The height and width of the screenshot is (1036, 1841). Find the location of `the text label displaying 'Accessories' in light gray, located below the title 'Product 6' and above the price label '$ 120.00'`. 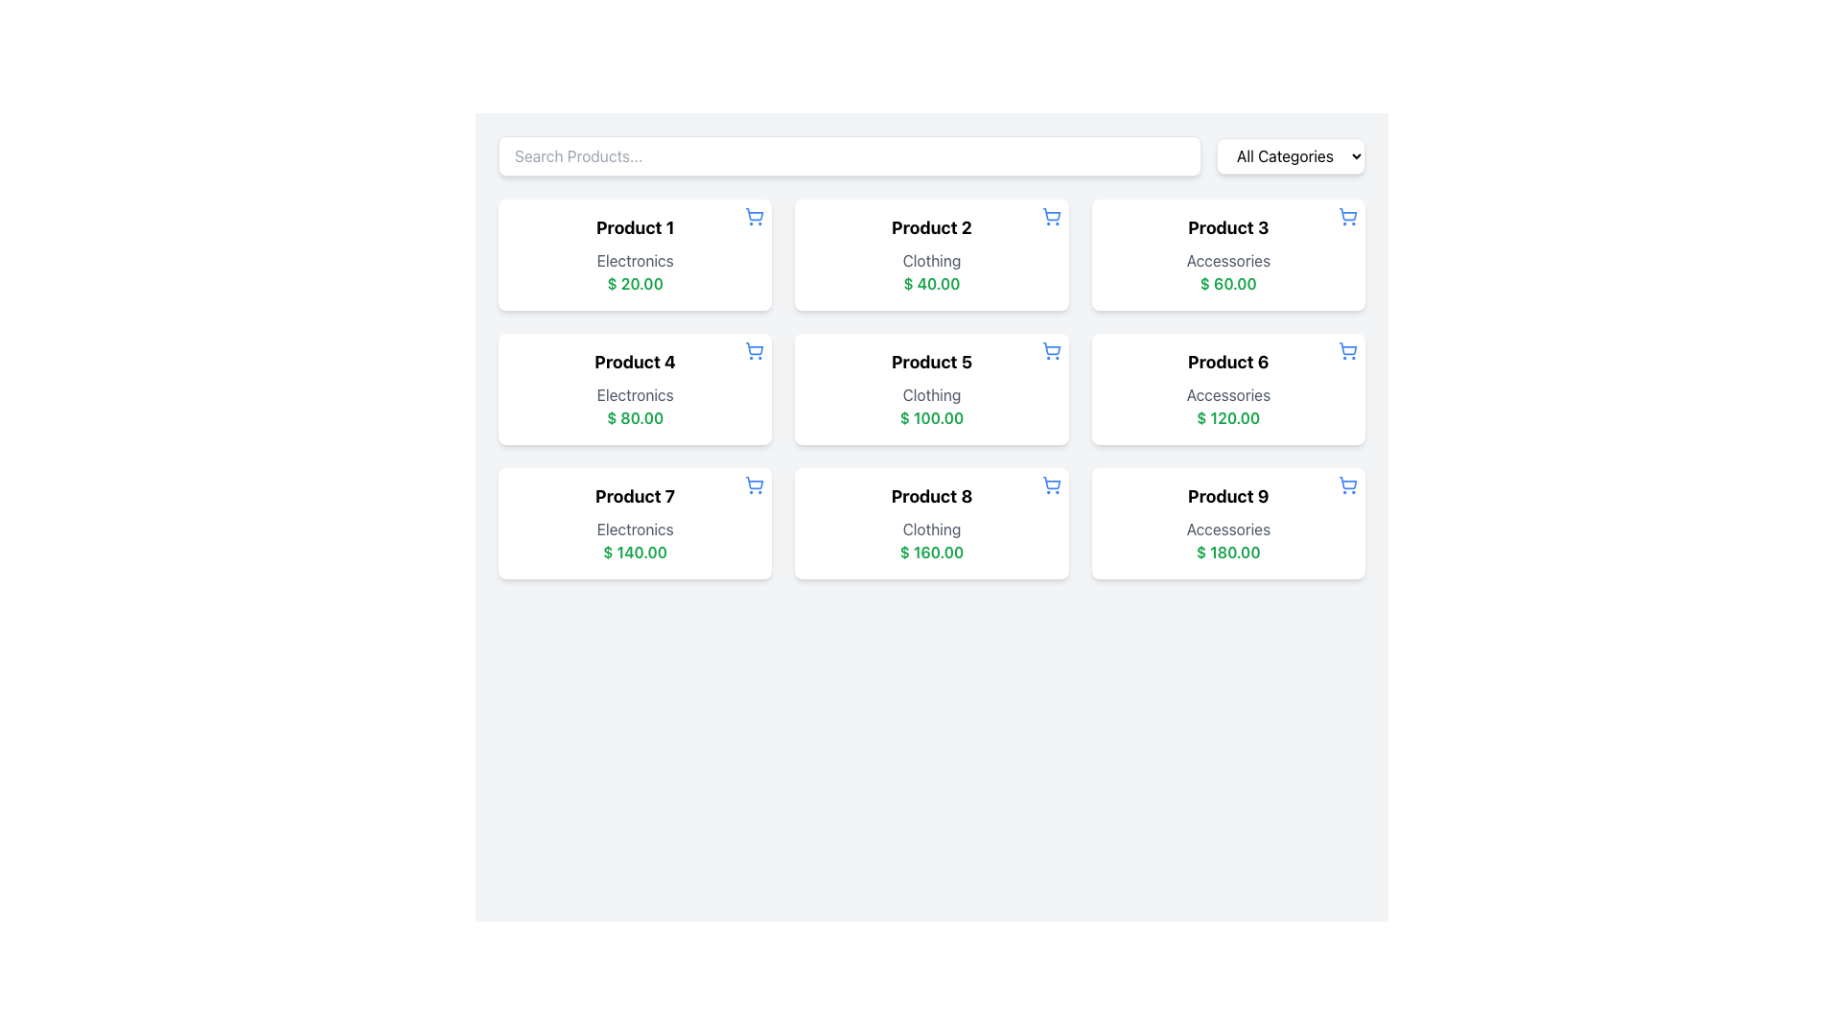

the text label displaying 'Accessories' in light gray, located below the title 'Product 6' and above the price label '$ 120.00' is located at coordinates (1228, 394).